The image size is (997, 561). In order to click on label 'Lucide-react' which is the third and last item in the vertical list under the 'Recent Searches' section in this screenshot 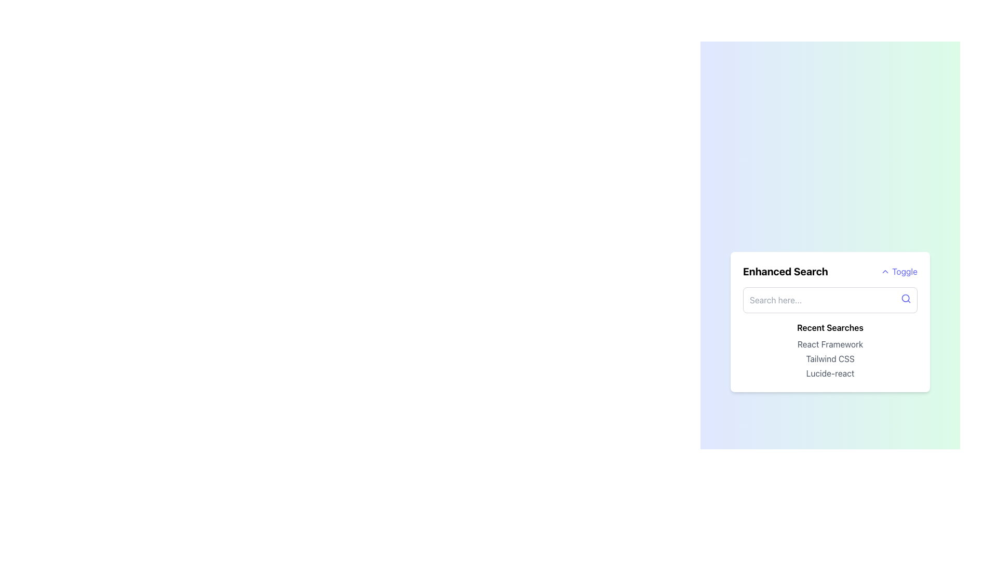, I will do `click(829, 372)`.